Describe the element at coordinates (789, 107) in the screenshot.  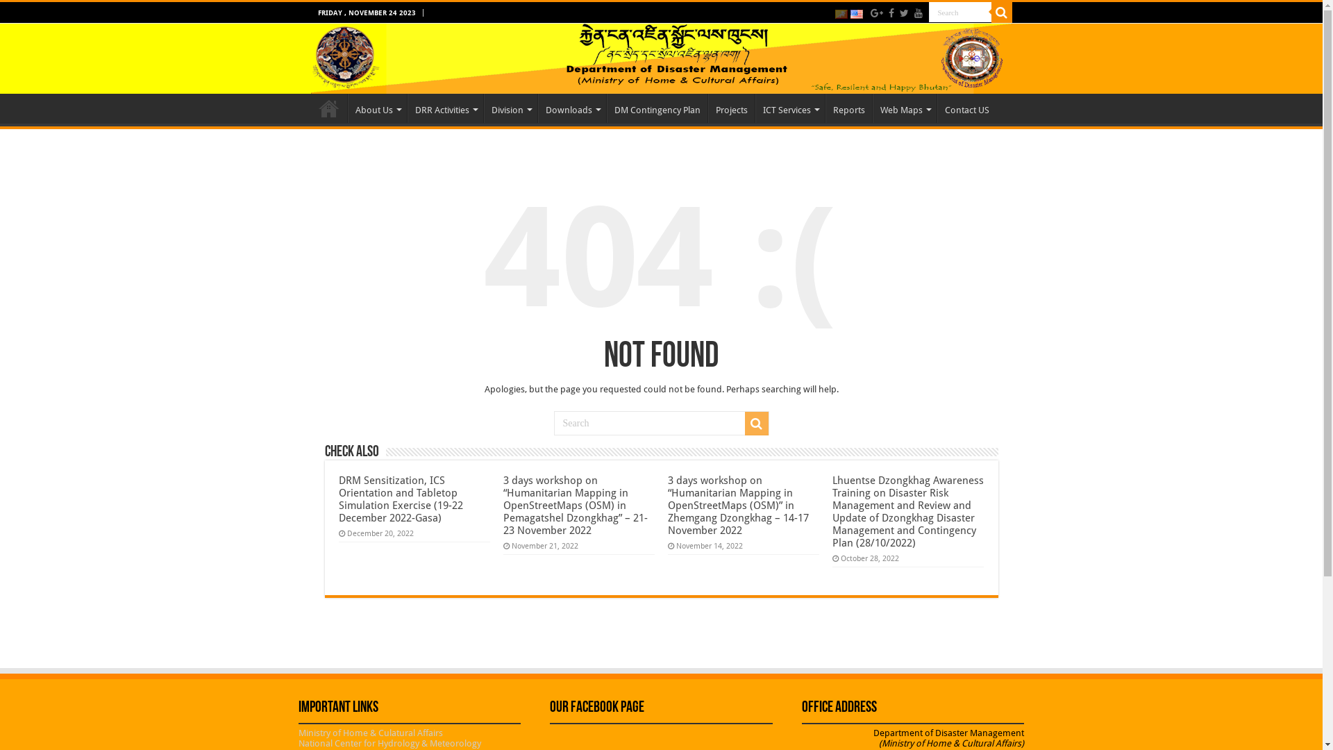
I see `'ICT Services'` at that location.